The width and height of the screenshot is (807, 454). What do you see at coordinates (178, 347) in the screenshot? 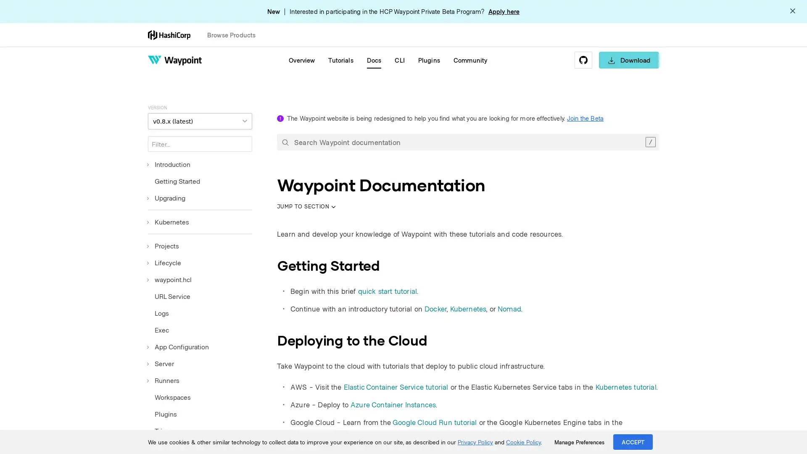
I see `App Configuration` at bounding box center [178, 347].